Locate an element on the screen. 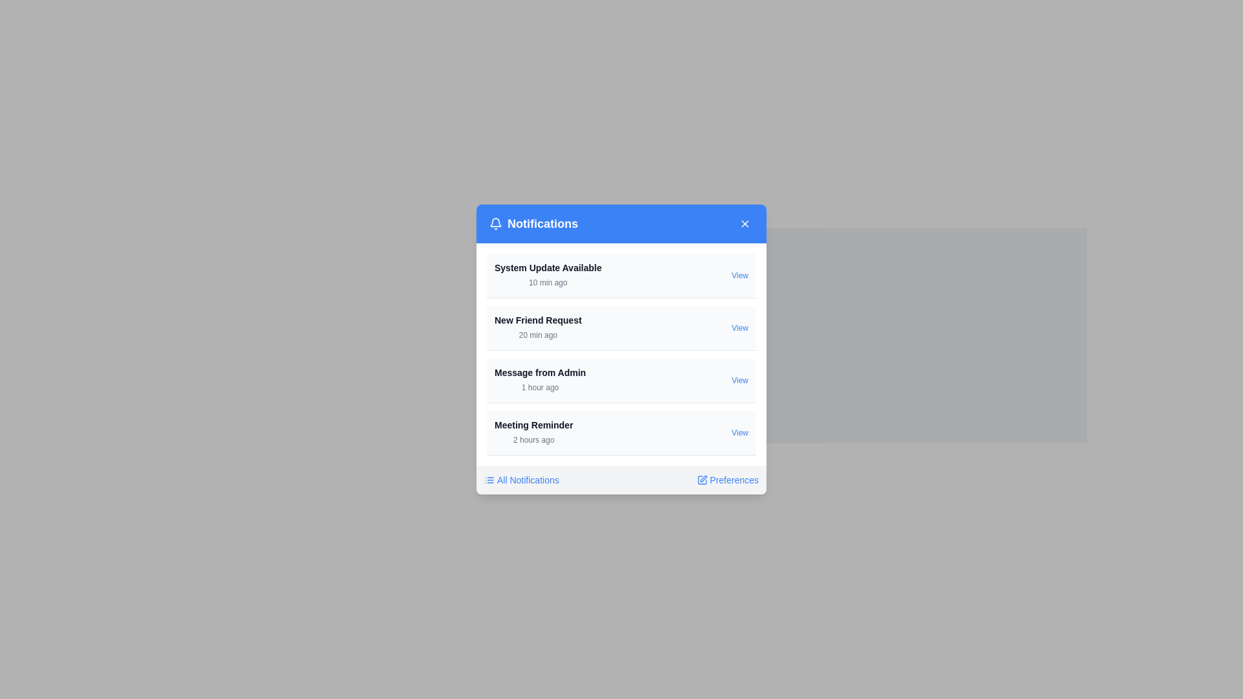 Image resolution: width=1243 pixels, height=699 pixels. the text label displaying 'System Update Available' in dark gray, located at the top of the notification panel is located at coordinates (548, 267).